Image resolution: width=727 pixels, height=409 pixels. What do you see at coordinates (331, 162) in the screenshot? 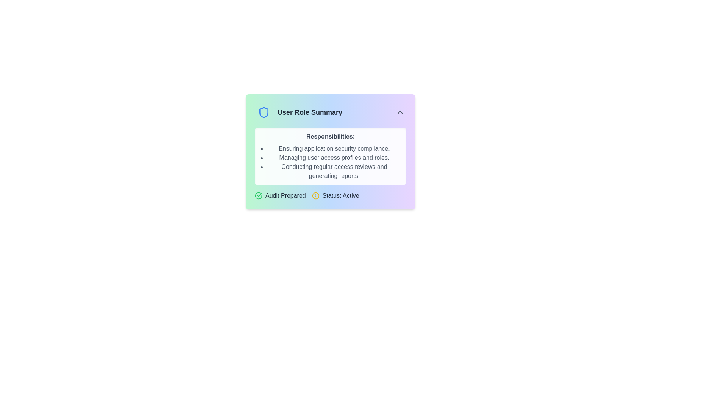
I see `the bulleted list of responsibilities, which includes three lines of text styled in medium gray and indented` at bounding box center [331, 162].